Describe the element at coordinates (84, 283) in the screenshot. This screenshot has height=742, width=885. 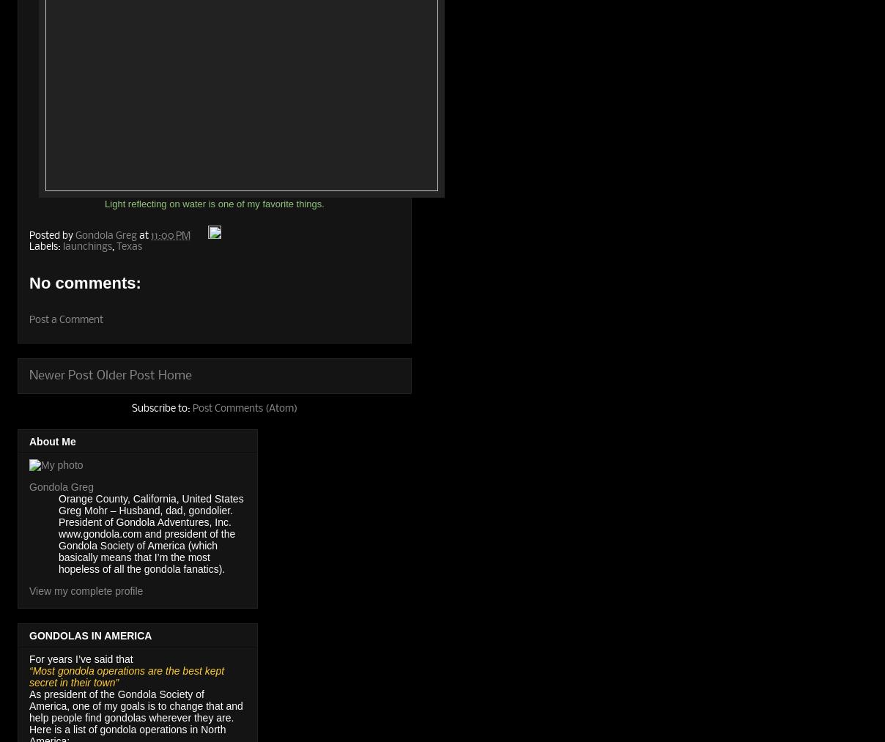
I see `'No comments:'` at that location.